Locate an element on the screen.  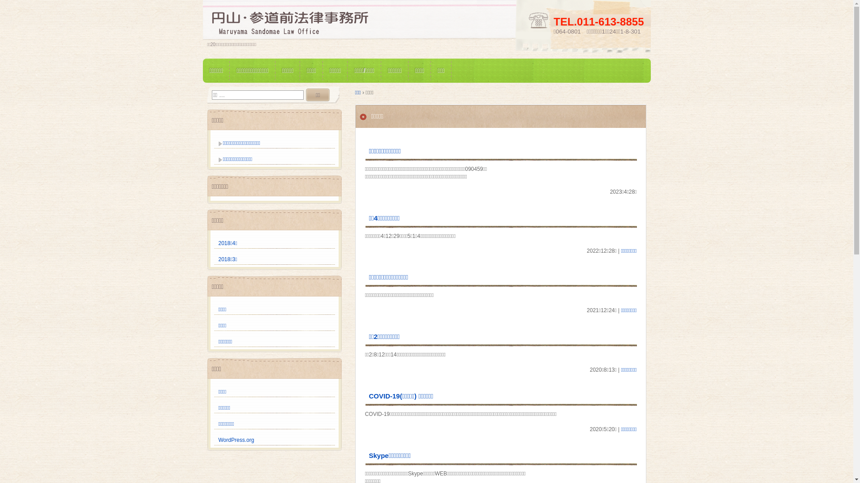
'WordPress.org' is located at coordinates (236, 439).